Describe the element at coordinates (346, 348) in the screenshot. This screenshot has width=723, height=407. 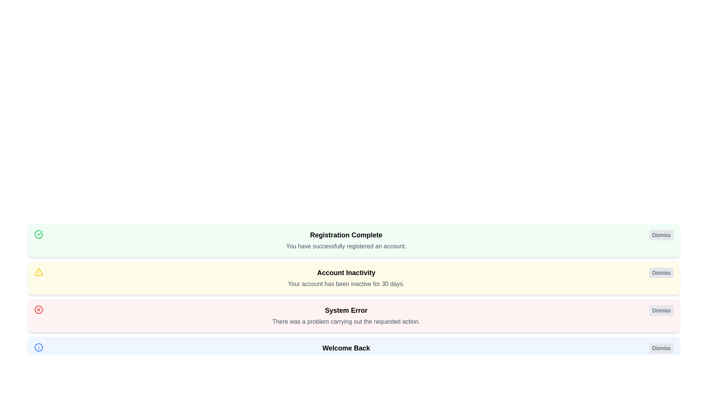
I see `the 'Welcome Back' text label, which is a bold, large font element centered horizontally on a light blue background` at that location.